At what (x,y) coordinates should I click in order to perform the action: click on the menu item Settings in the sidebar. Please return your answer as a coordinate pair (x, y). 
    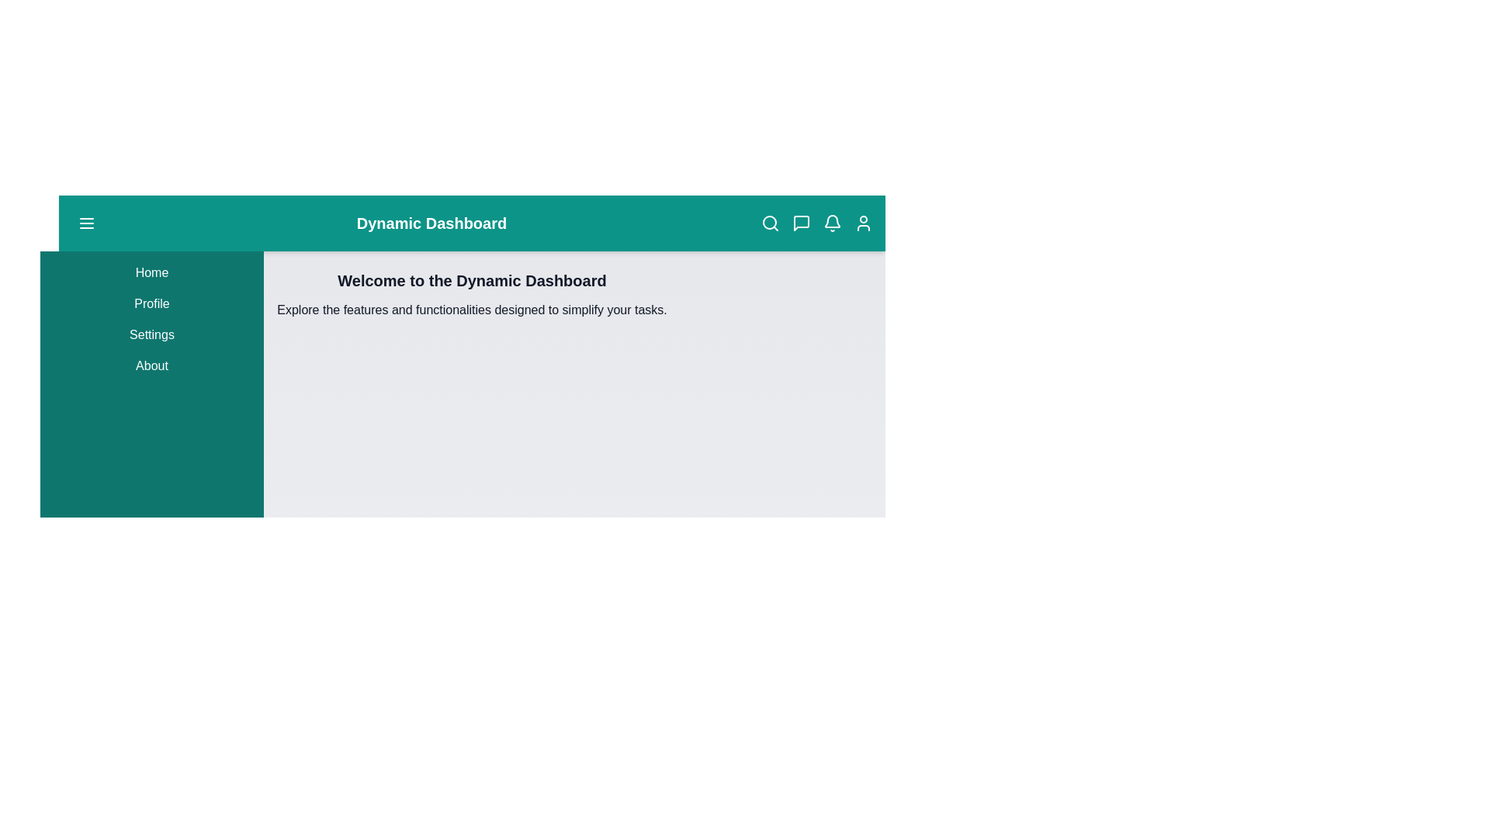
    Looking at the image, I should click on (152, 334).